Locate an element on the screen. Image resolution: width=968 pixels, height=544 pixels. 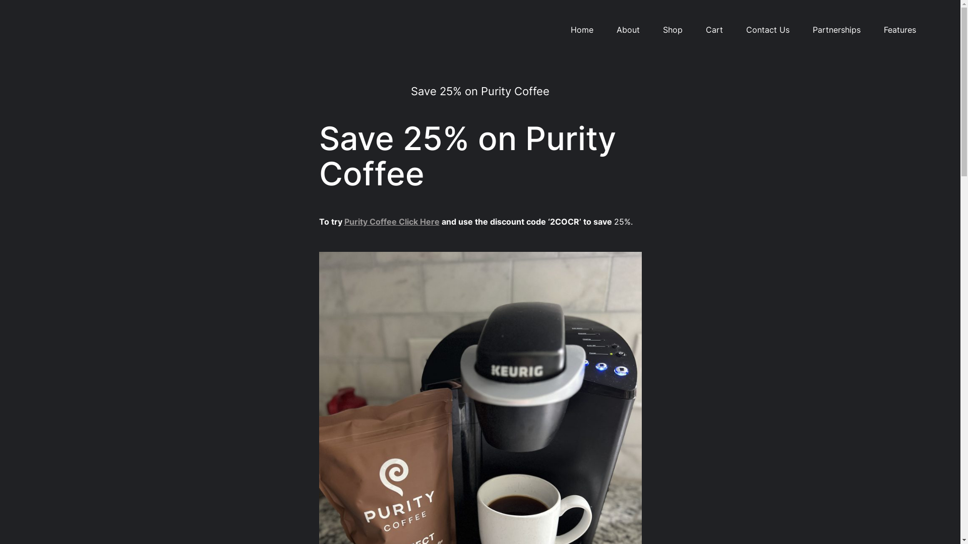
'Partnerships' is located at coordinates (836, 29).